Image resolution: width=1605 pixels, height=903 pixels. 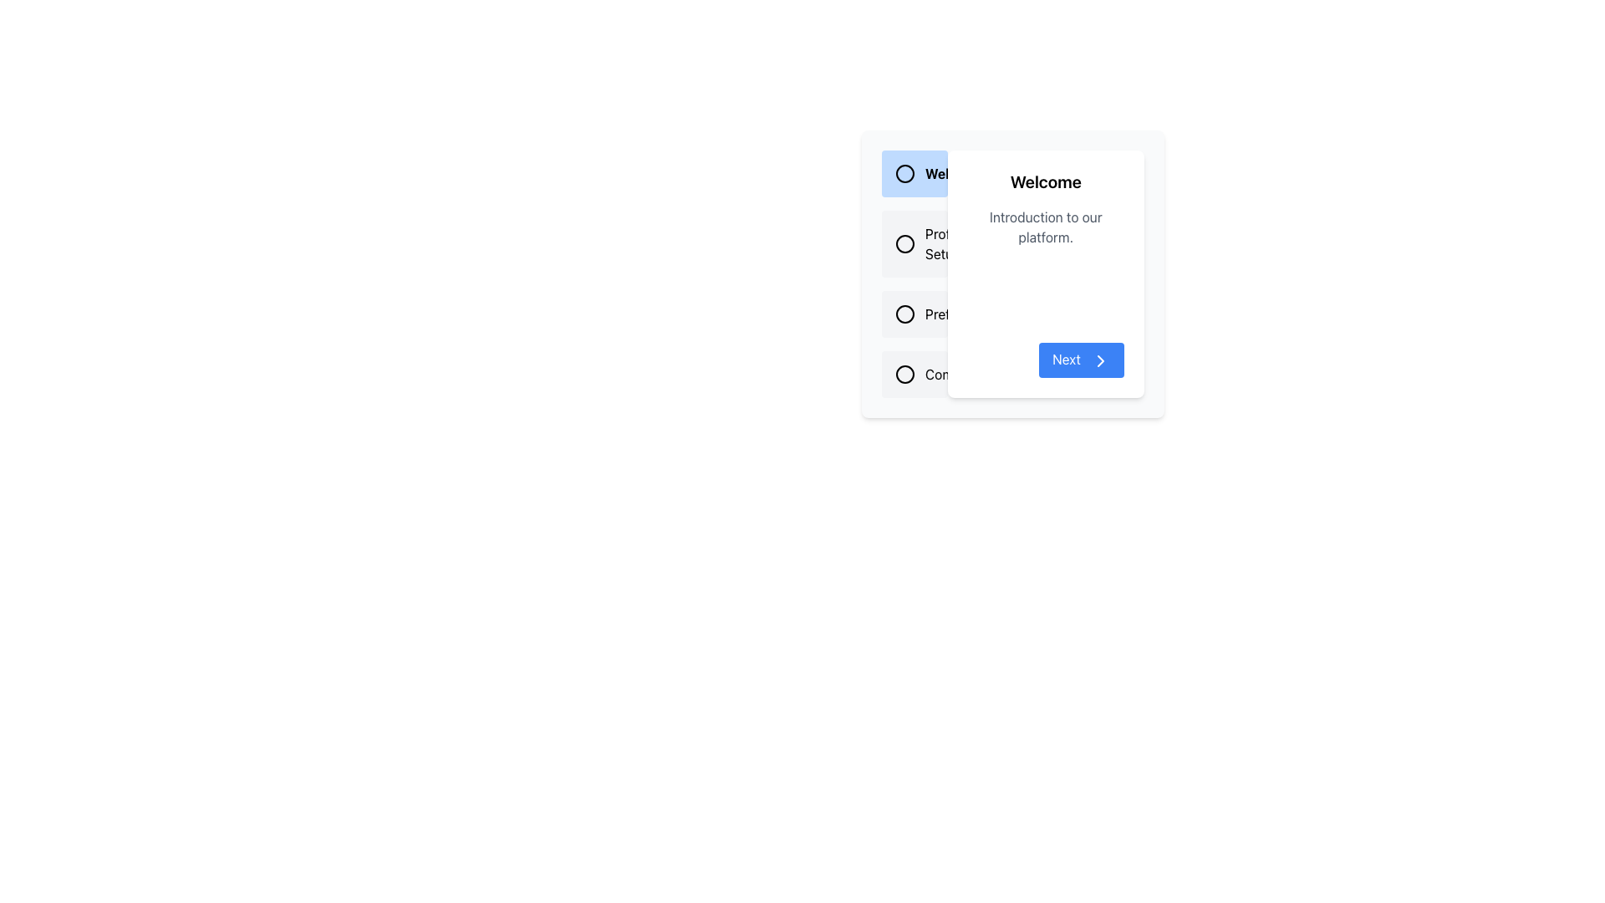 What do you see at coordinates (914, 314) in the screenshot?
I see `the 'Preferences' radio button` at bounding box center [914, 314].